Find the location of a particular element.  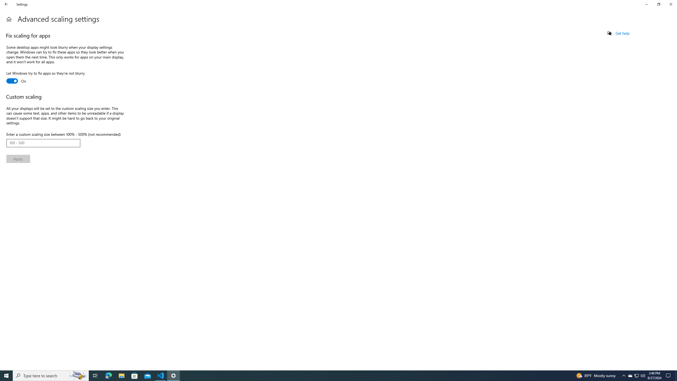

'Get help' is located at coordinates (622, 33).